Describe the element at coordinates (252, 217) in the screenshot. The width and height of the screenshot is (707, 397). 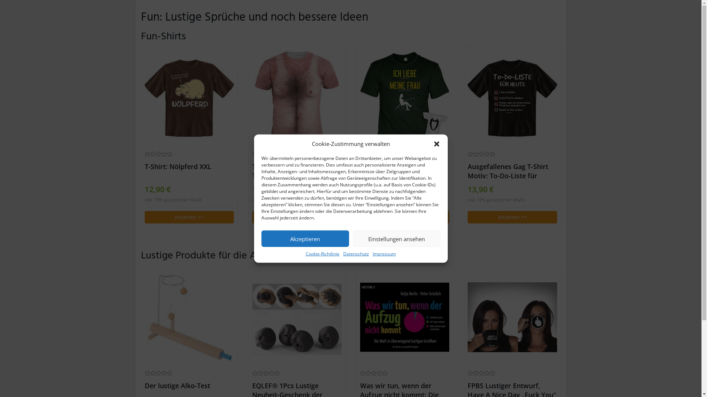
I see `'Ansehen >>'` at that location.